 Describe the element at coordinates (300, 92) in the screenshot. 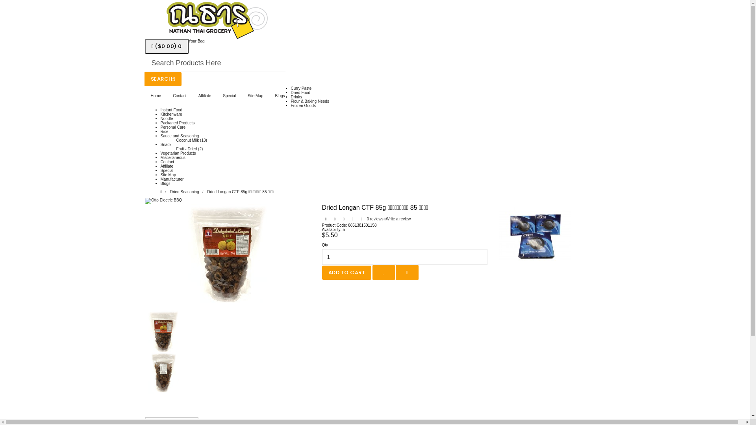

I see `'Dried Food'` at that location.